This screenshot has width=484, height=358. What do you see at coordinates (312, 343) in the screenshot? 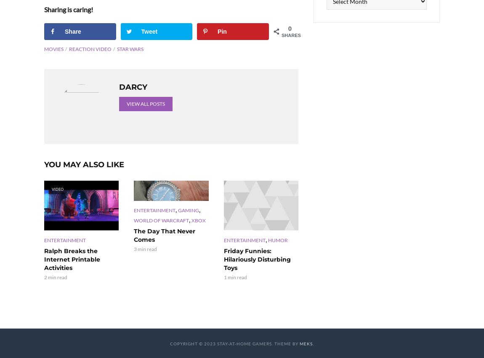
I see `'.'` at bounding box center [312, 343].